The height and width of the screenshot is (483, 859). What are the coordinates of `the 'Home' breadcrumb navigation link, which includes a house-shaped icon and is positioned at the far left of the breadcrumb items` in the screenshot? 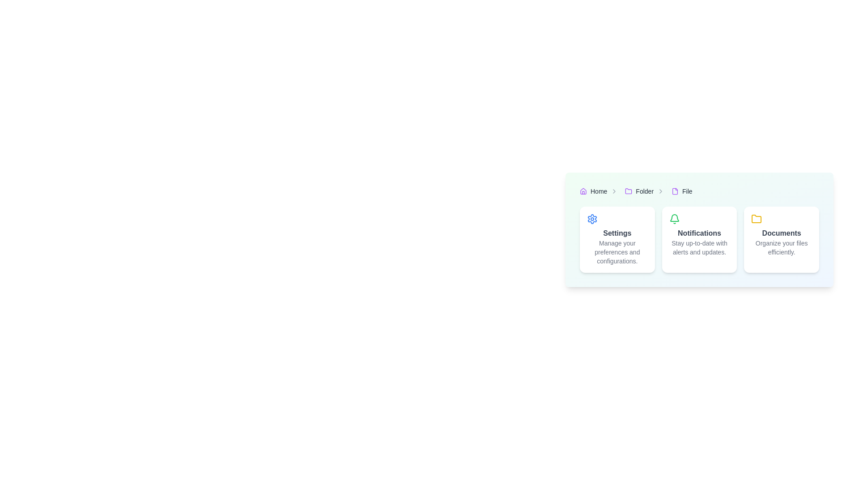 It's located at (600, 191).